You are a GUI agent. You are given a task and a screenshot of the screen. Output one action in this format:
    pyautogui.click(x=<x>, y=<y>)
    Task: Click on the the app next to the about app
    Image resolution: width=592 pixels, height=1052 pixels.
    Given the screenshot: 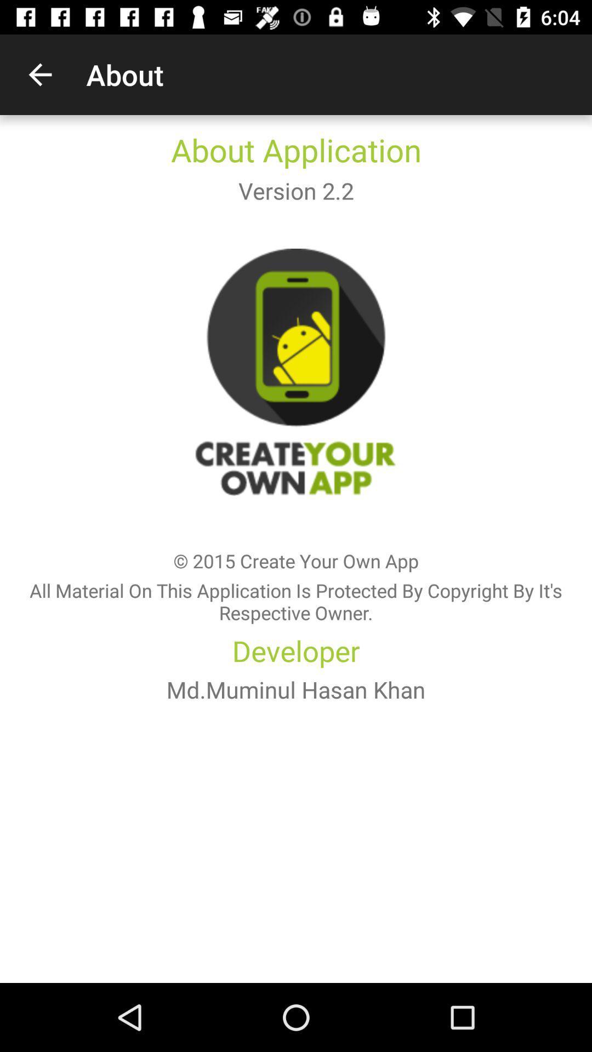 What is the action you would take?
    pyautogui.click(x=39, y=74)
    